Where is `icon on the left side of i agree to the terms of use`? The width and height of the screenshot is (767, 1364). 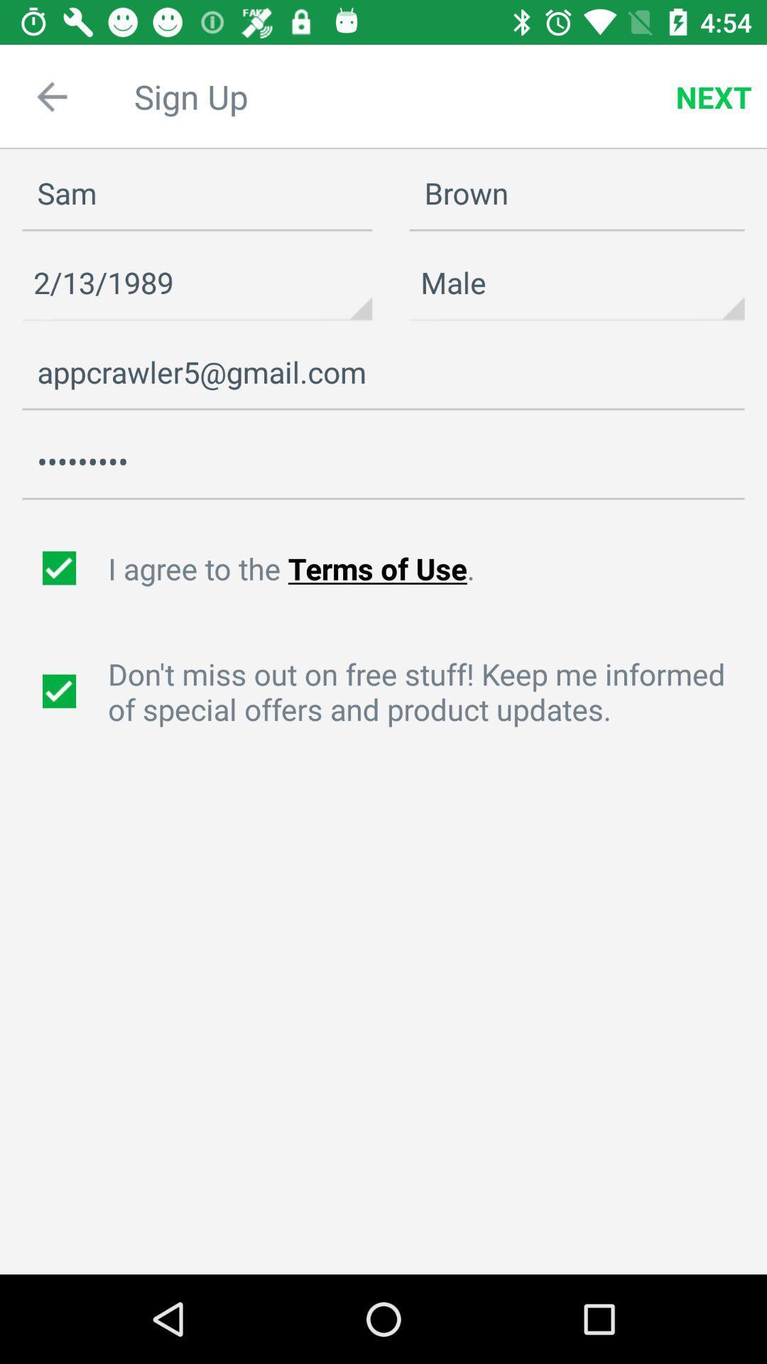
icon on the left side of i agree to the terms of use is located at coordinates (60, 568).